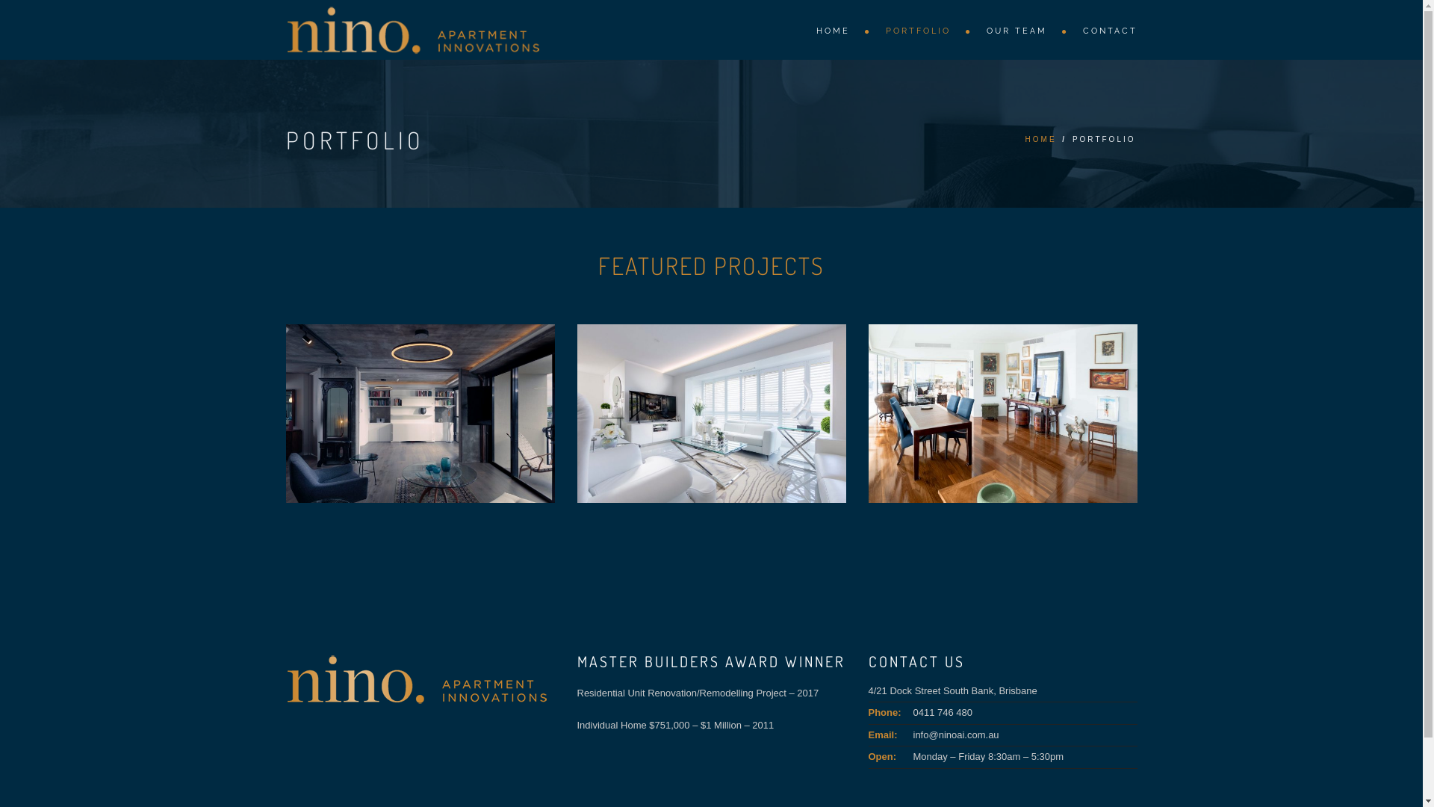 This screenshot has height=807, width=1434. What do you see at coordinates (920, 30) in the screenshot?
I see `'PORTFOLIO'` at bounding box center [920, 30].